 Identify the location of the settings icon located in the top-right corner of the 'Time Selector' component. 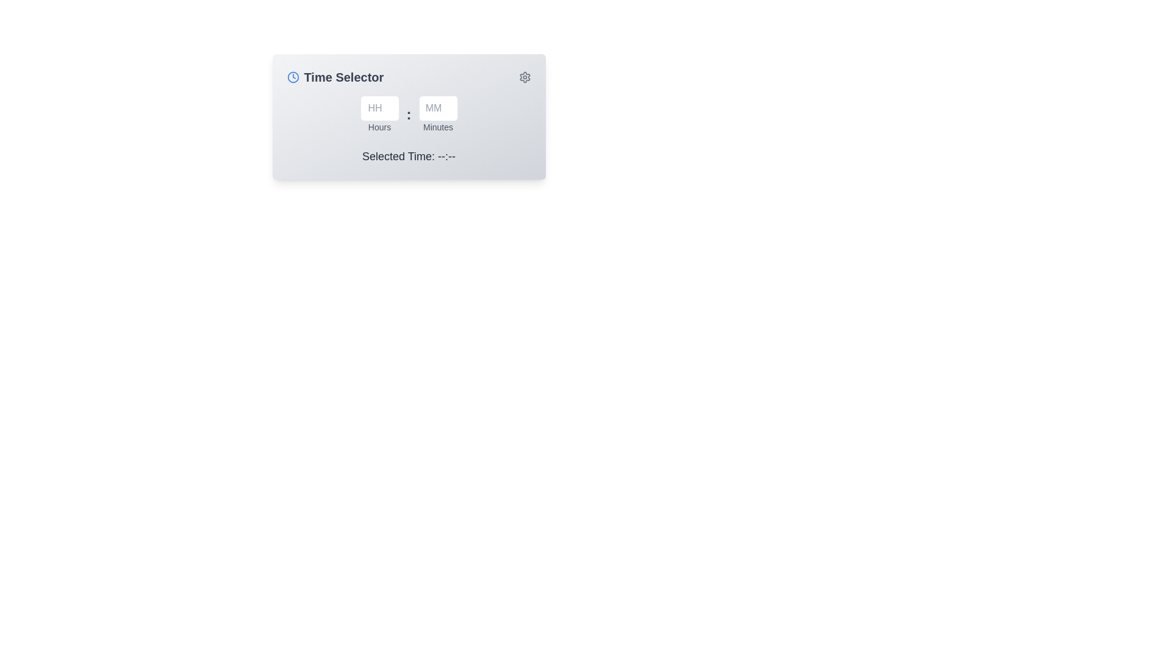
(525, 77).